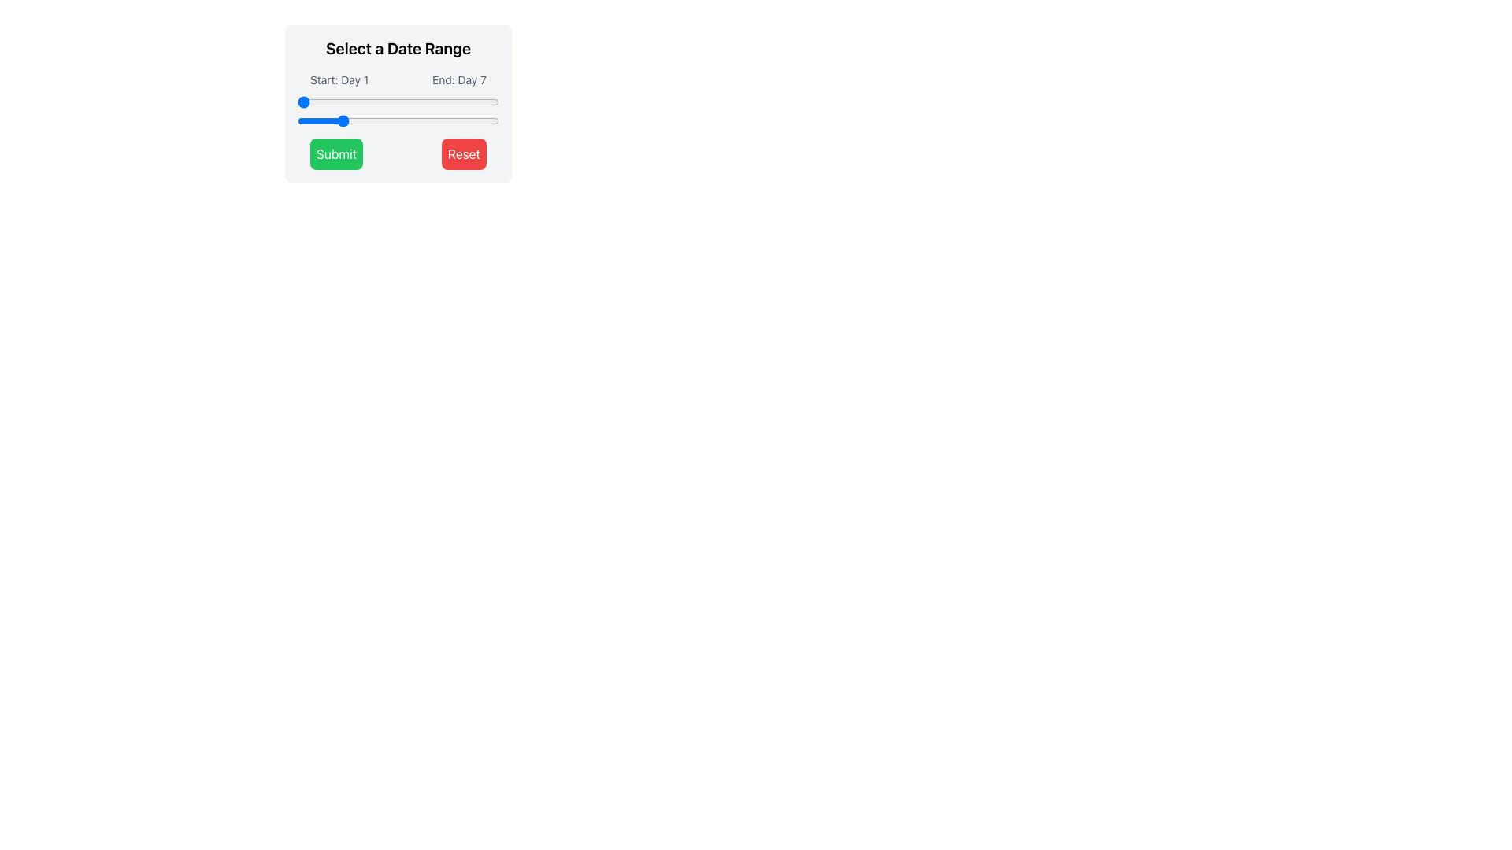 This screenshot has height=850, width=1512. What do you see at coordinates (373, 120) in the screenshot?
I see `the slider` at bounding box center [373, 120].